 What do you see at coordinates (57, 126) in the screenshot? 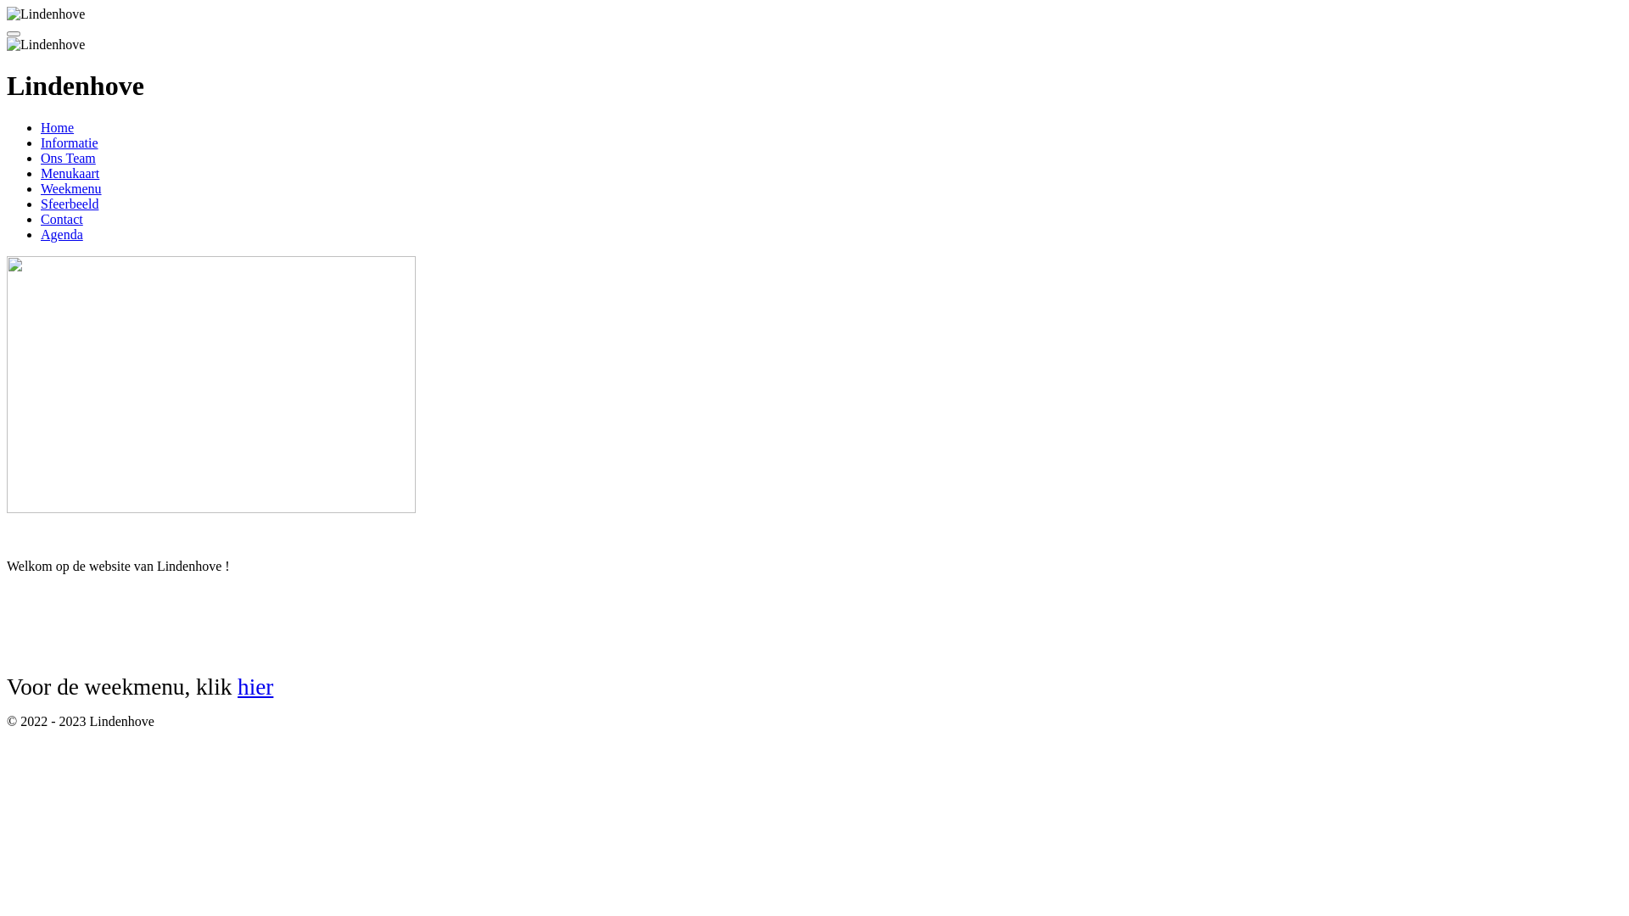
I see `'Home'` at bounding box center [57, 126].